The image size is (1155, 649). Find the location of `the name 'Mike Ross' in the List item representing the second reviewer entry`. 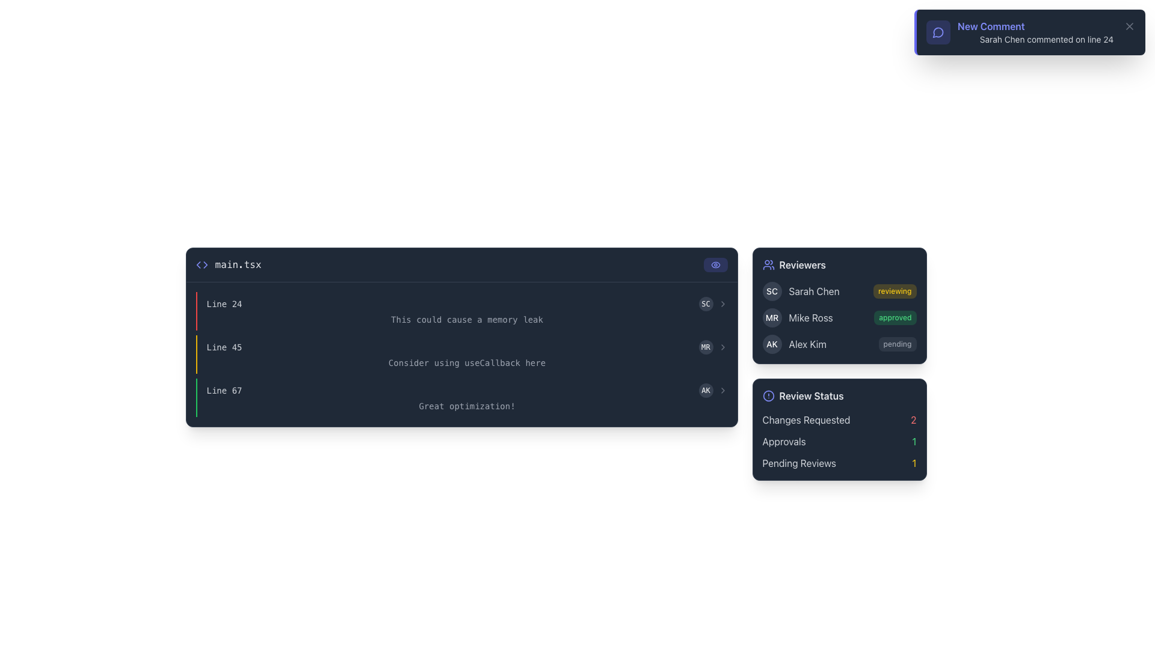

the name 'Mike Ross' in the List item representing the second reviewer entry is located at coordinates (839, 317).